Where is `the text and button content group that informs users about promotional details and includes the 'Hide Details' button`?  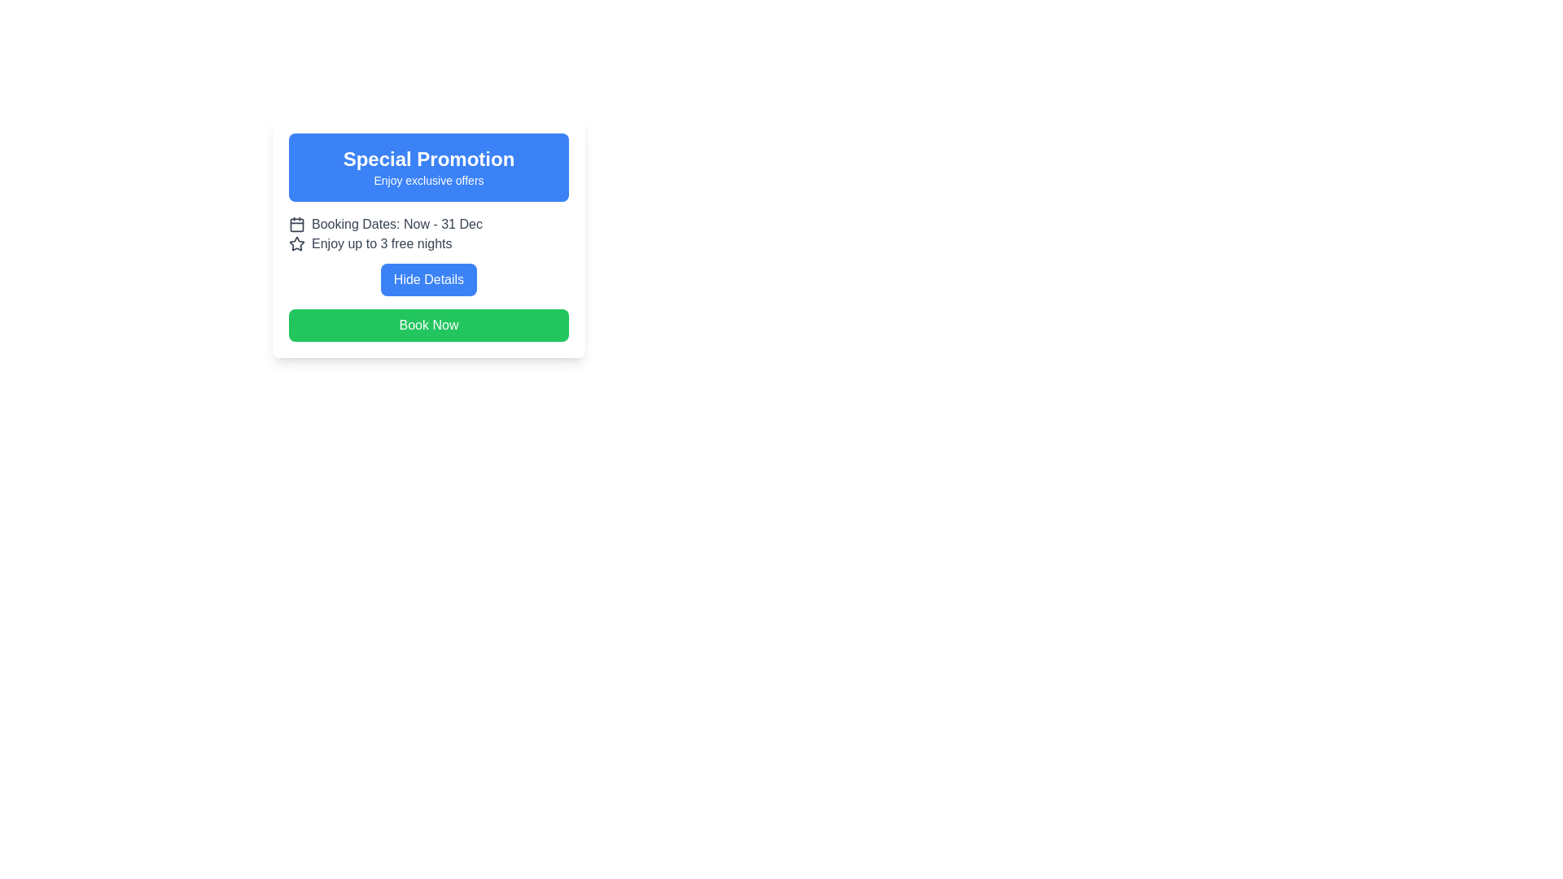
the text and button content group that informs users about promotional details and includes the 'Hide Details' button is located at coordinates (429, 255).